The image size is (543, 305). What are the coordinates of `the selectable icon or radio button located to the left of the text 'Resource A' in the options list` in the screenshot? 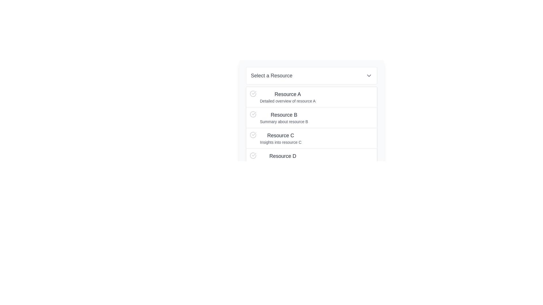 It's located at (253, 93).